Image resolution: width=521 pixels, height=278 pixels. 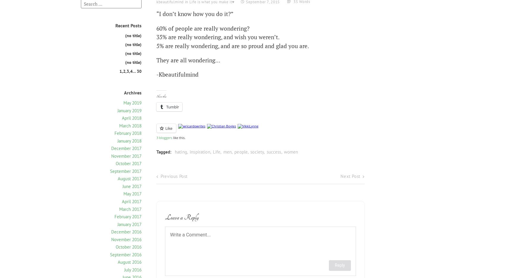 What do you see at coordinates (126, 232) in the screenshot?
I see `'December 2016'` at bounding box center [126, 232].